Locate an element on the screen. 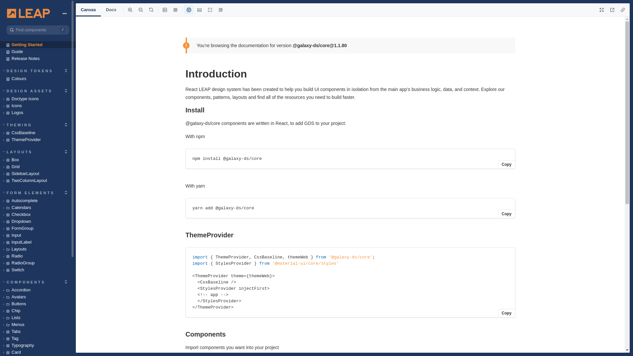 The height and width of the screenshot is (356, 633). 'COMPONENTS' is located at coordinates (24, 282).